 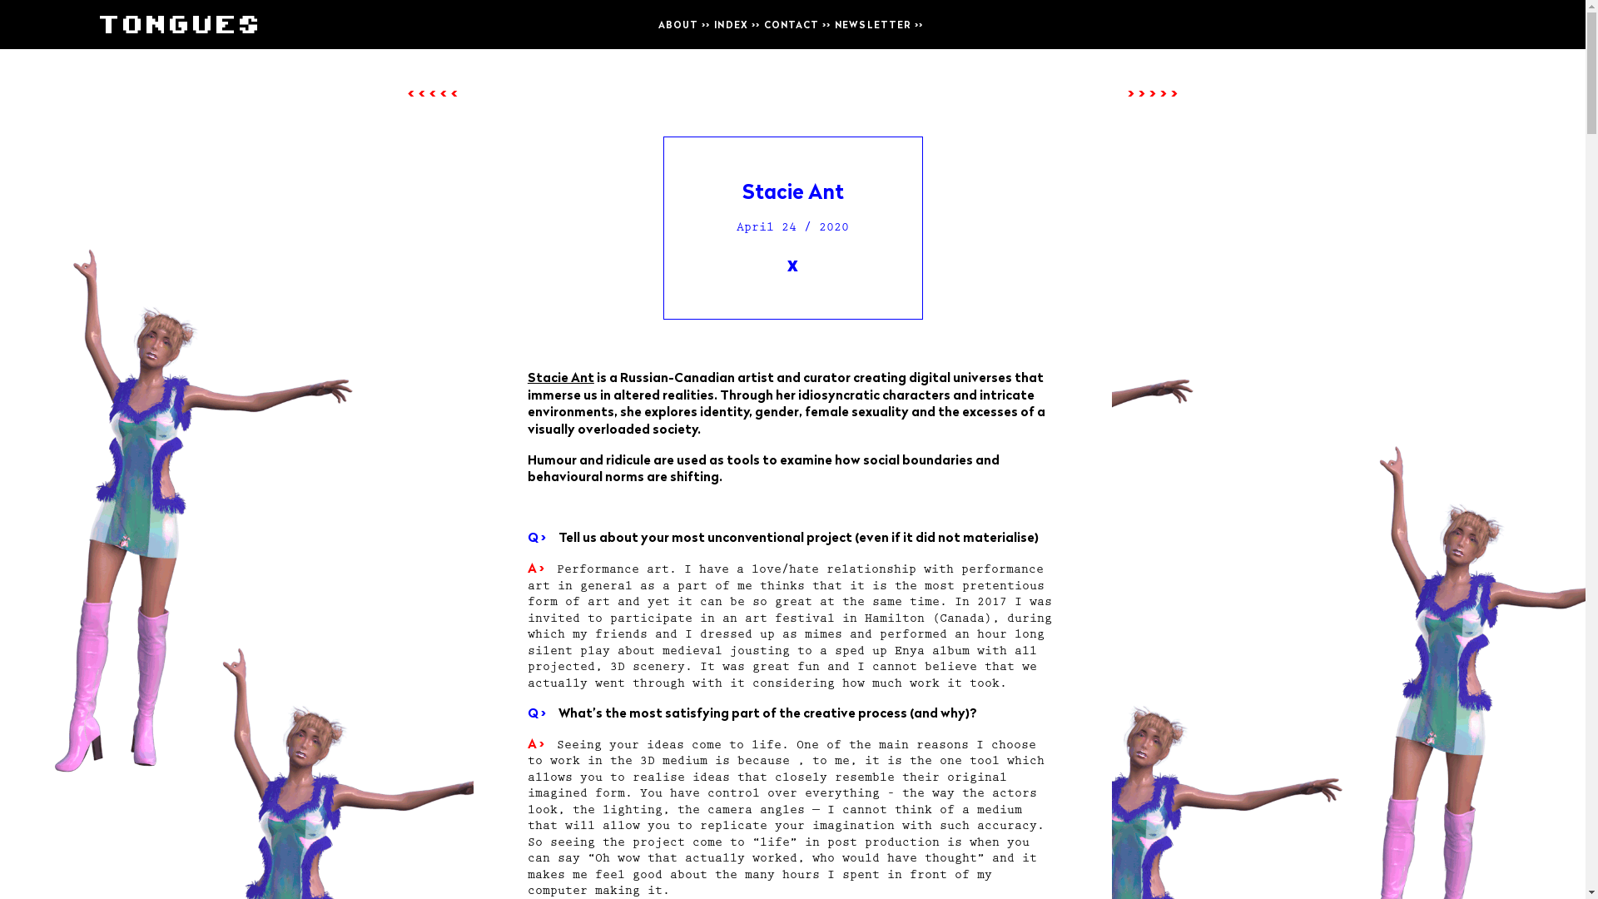 I want to click on 'CONTACT >>', so click(x=797, y=24).